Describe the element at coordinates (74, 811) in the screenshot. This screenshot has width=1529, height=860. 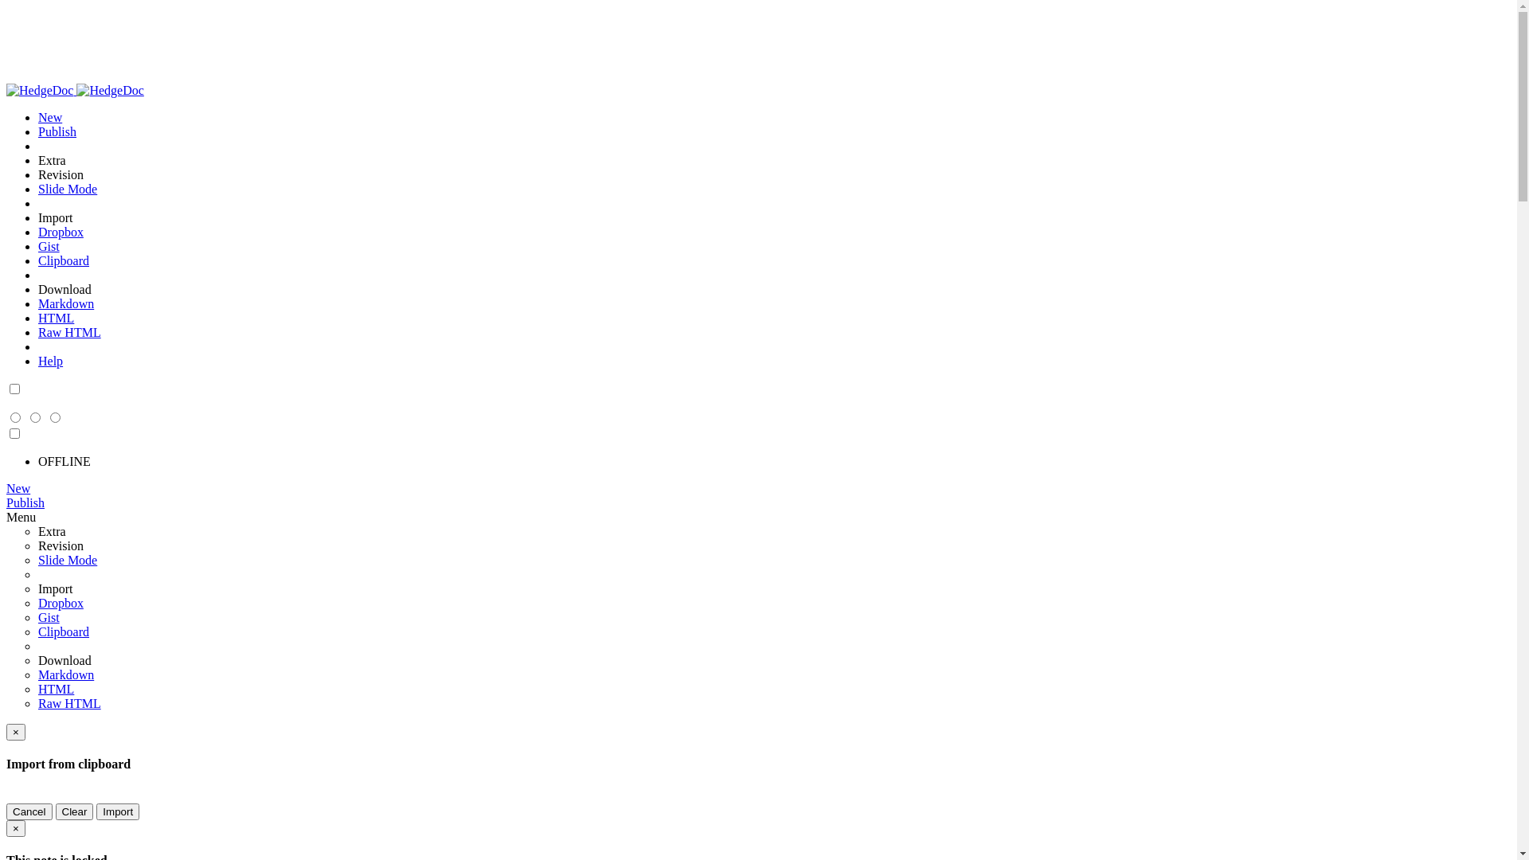
I see `'Clear'` at that location.